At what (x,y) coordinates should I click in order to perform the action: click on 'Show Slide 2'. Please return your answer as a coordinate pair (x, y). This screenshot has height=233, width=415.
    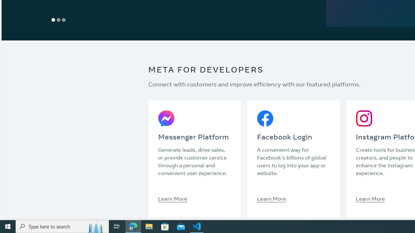
    Looking at the image, I should click on (59, 19).